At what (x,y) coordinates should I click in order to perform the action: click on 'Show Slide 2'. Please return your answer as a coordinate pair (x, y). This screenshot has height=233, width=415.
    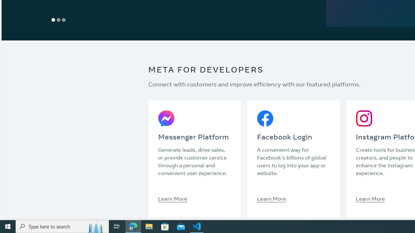
    Looking at the image, I should click on (59, 19).